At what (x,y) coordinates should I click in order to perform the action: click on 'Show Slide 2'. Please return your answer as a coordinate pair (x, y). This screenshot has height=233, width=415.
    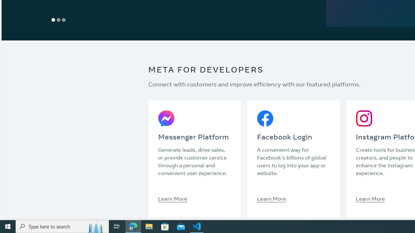
    Looking at the image, I should click on (59, 19).